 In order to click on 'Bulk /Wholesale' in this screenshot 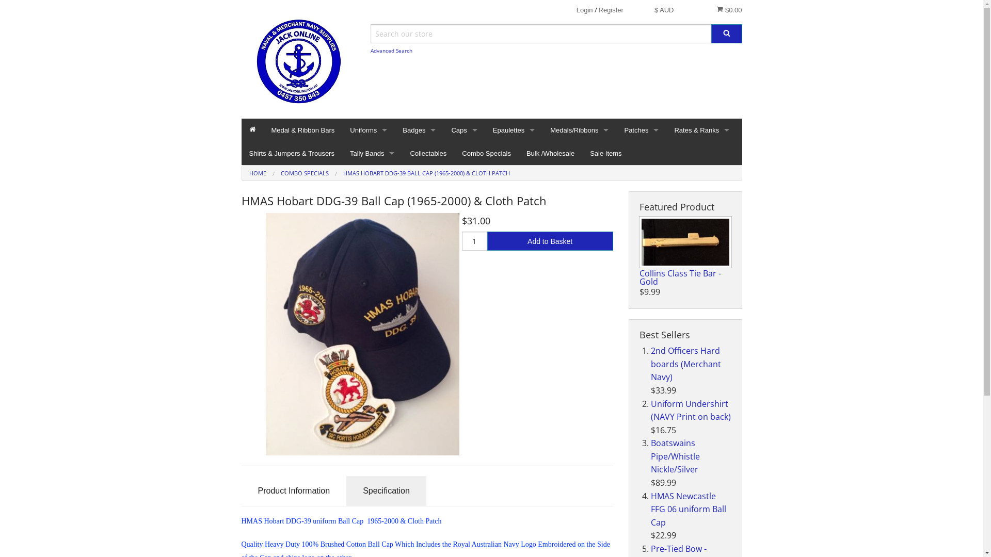, I will do `click(518, 153)`.